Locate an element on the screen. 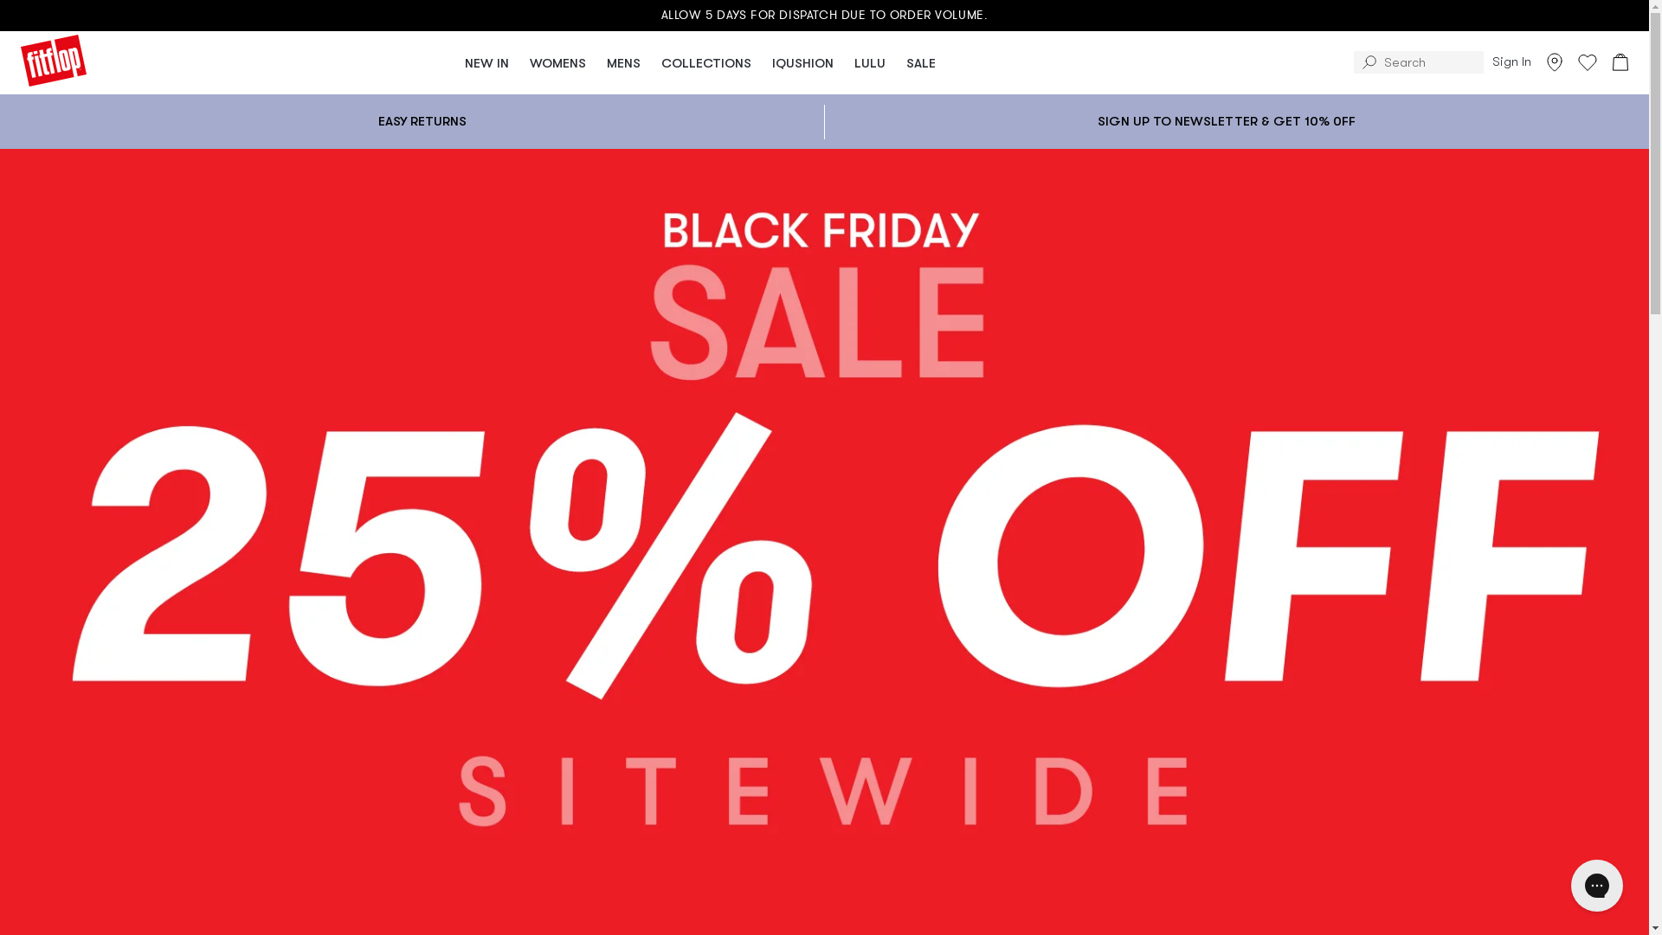 The width and height of the screenshot is (1662, 935). 'EASY RETURNS' is located at coordinates (422, 119).